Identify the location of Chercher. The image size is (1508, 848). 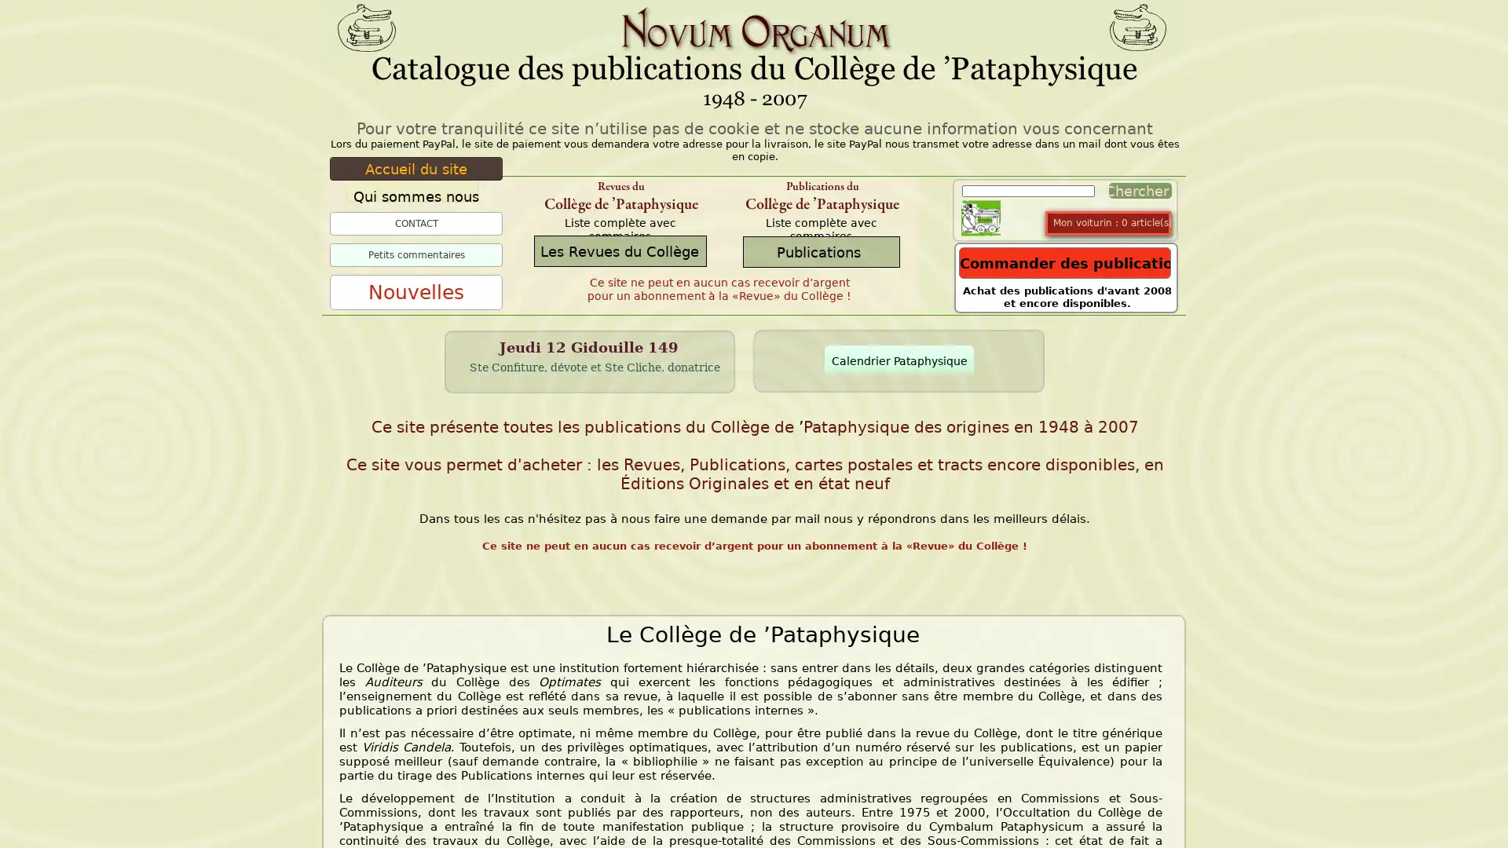
(1136, 190).